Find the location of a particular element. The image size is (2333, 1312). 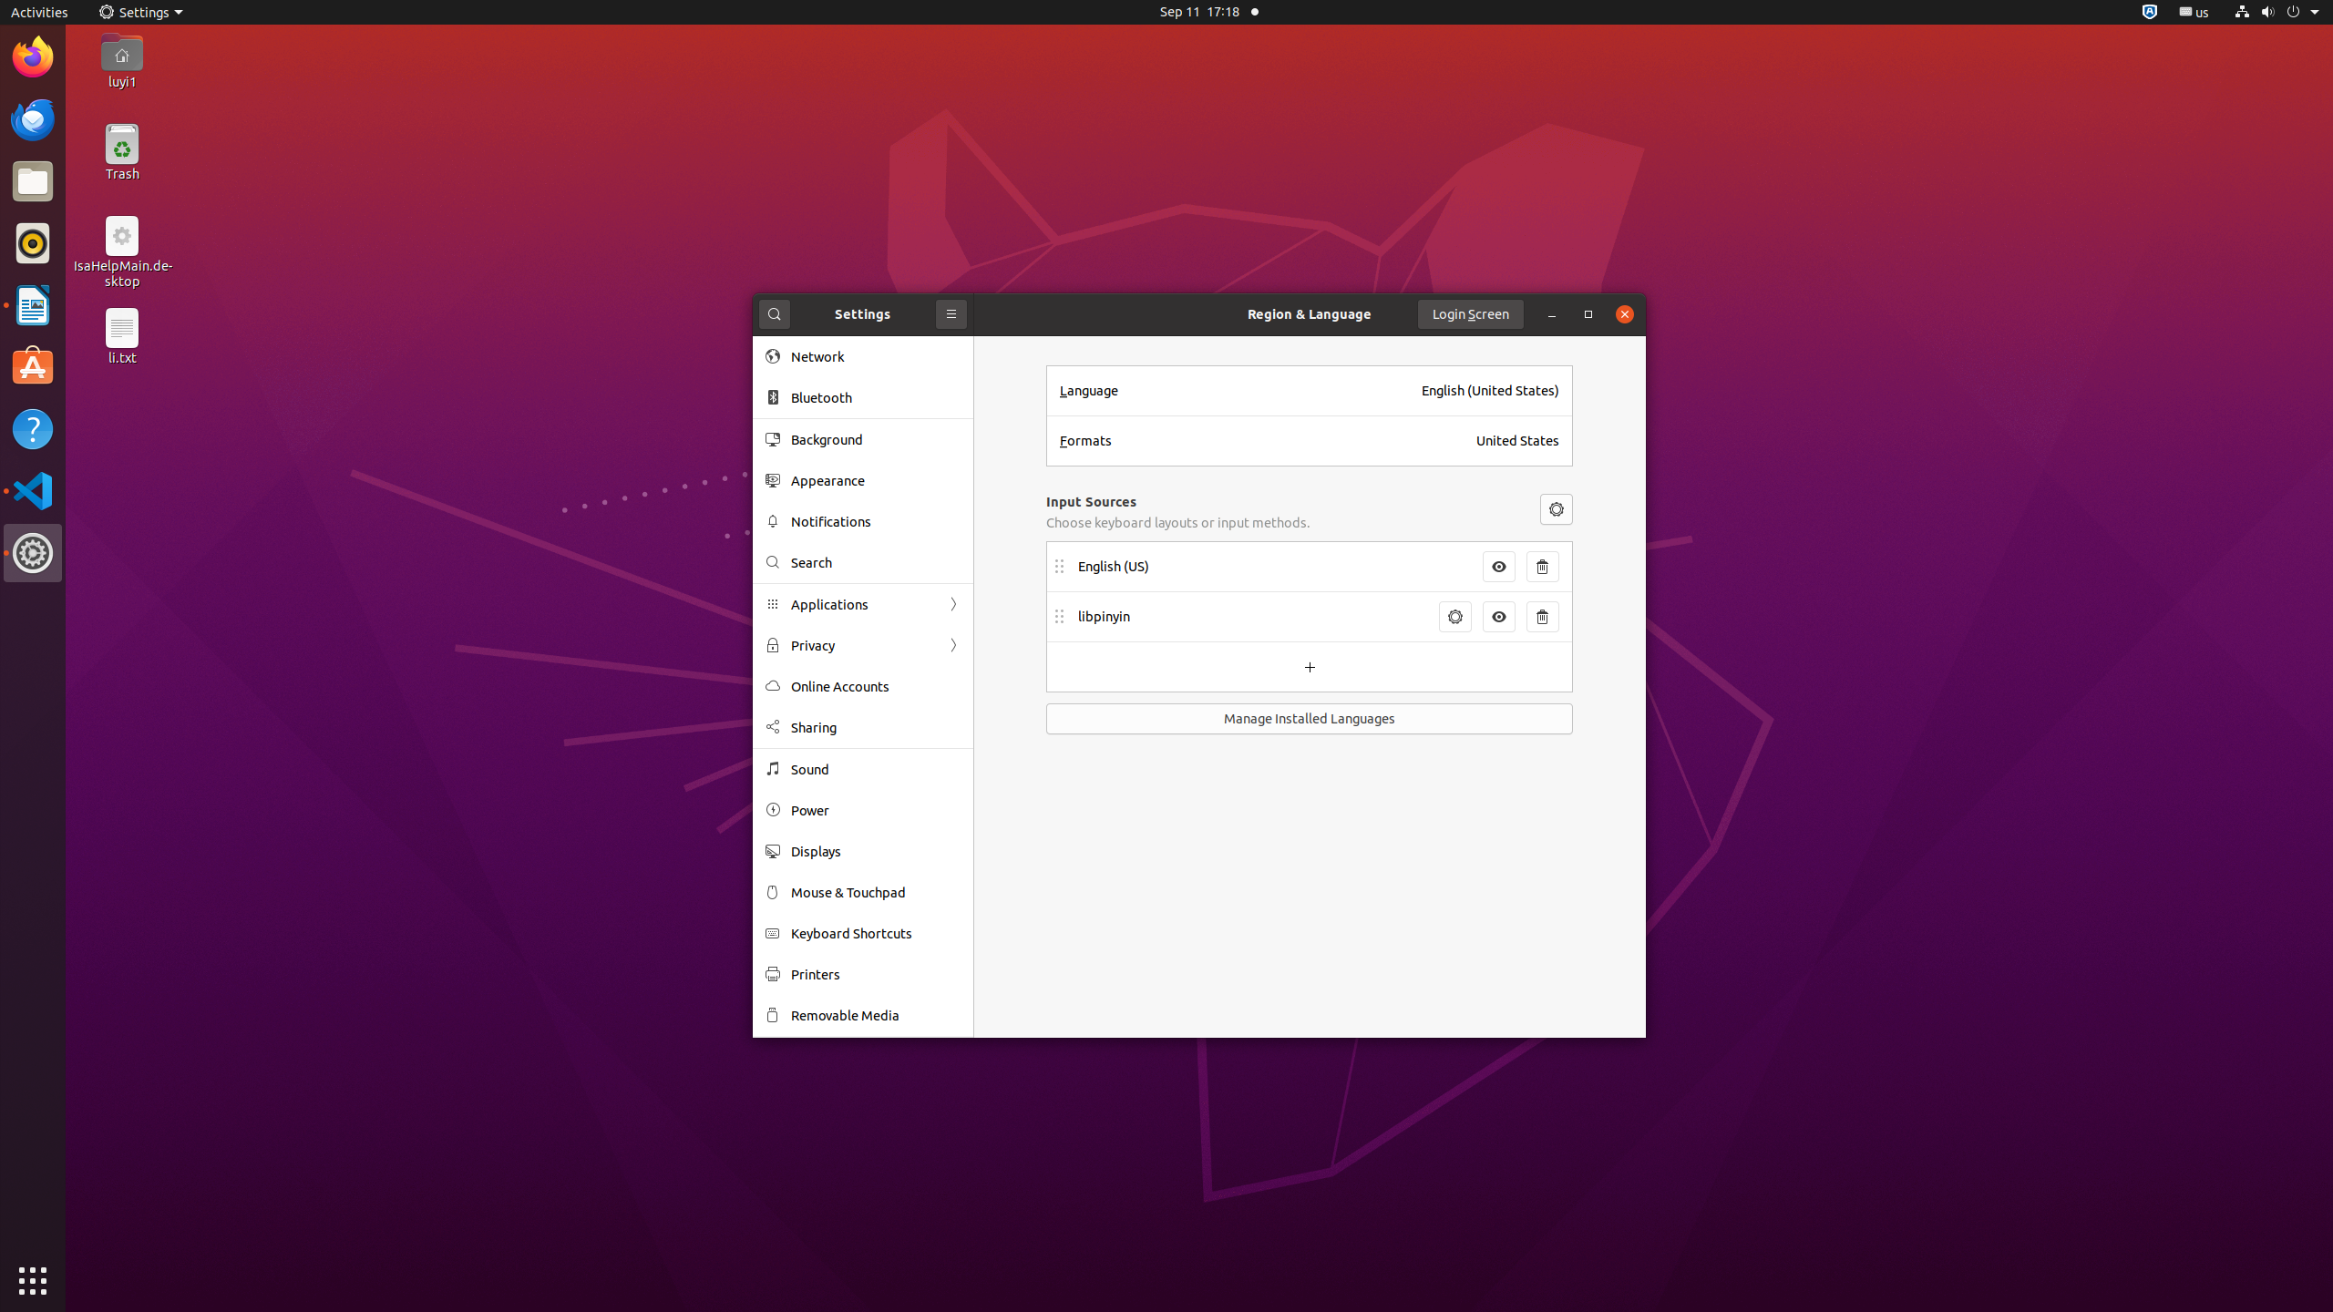

'Settings' is located at coordinates (140, 11).